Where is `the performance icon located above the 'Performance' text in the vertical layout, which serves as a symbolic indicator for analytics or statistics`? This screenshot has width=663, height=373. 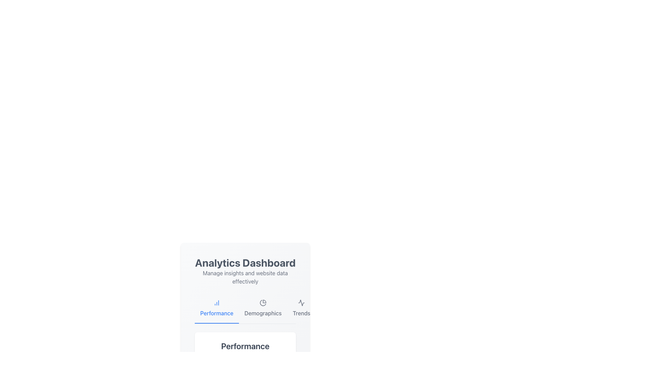
the performance icon located above the 'Performance' text in the vertical layout, which serves as a symbolic indicator for analytics or statistics is located at coordinates (217, 302).